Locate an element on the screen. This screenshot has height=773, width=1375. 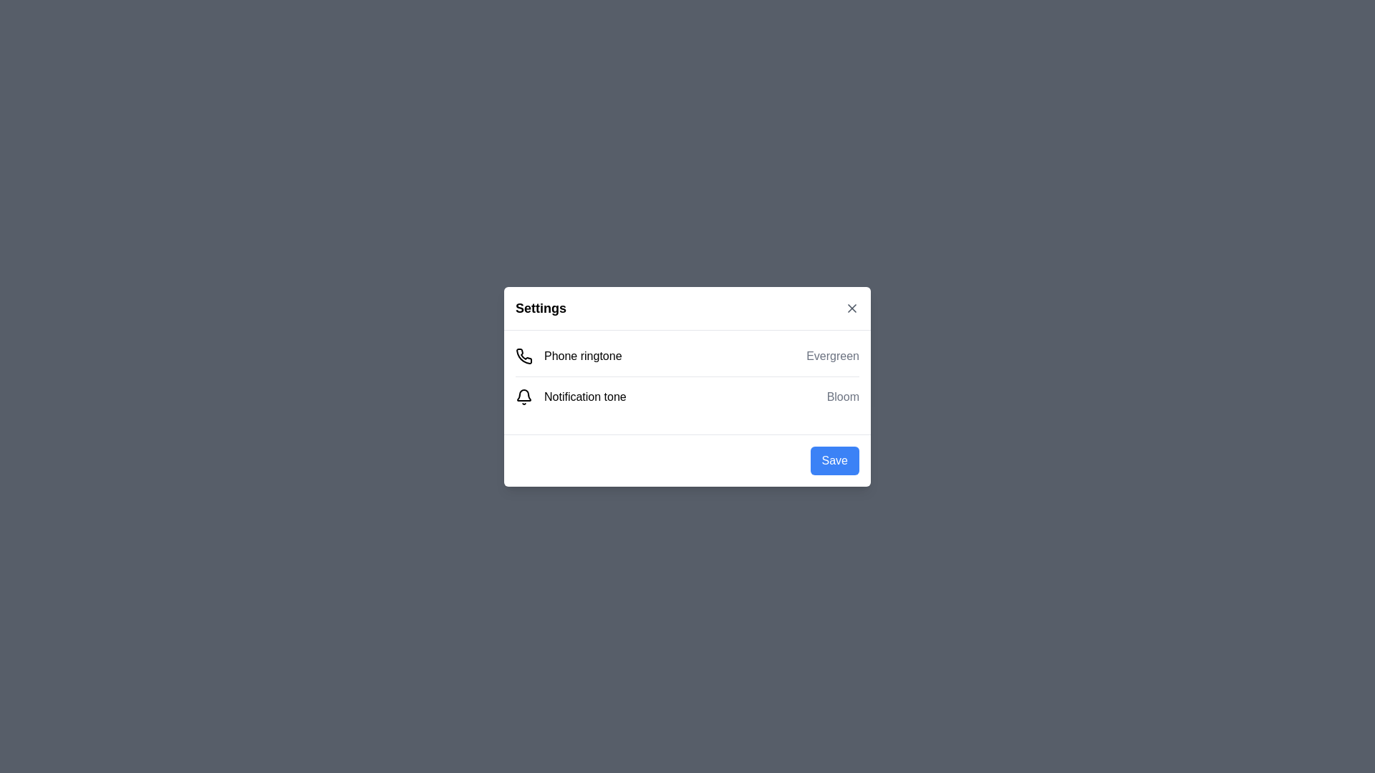
lower segment of the notification bell icon, which is part of an SVG graphic located on the left side of the 'Notification tone' row in a dialog box is located at coordinates (523, 394).